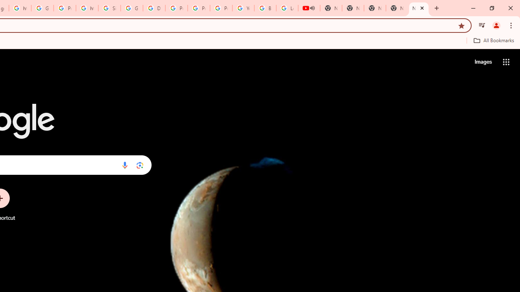  I want to click on 'YouTube', so click(243, 8).